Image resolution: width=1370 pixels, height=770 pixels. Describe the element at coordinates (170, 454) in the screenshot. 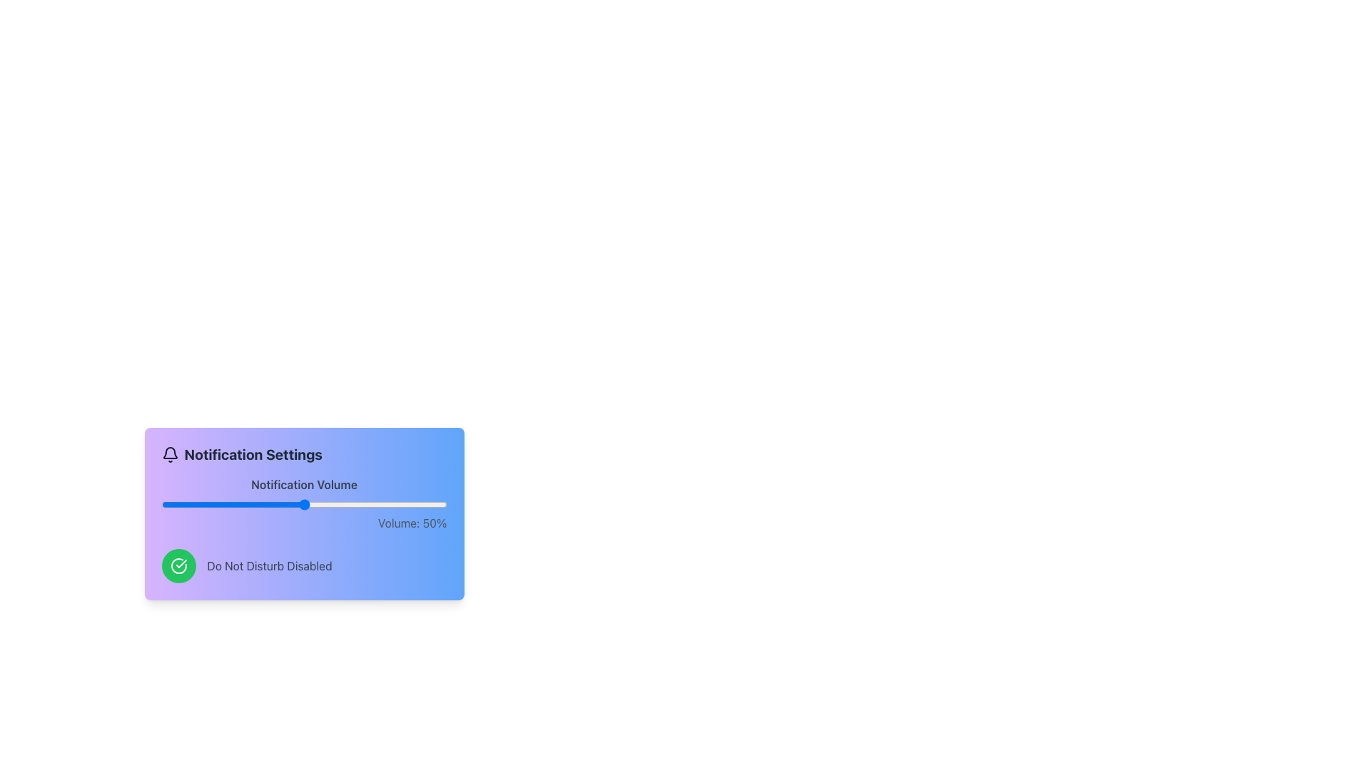

I see `the bell icon located to the left of the 'Notification Settings' text` at that location.